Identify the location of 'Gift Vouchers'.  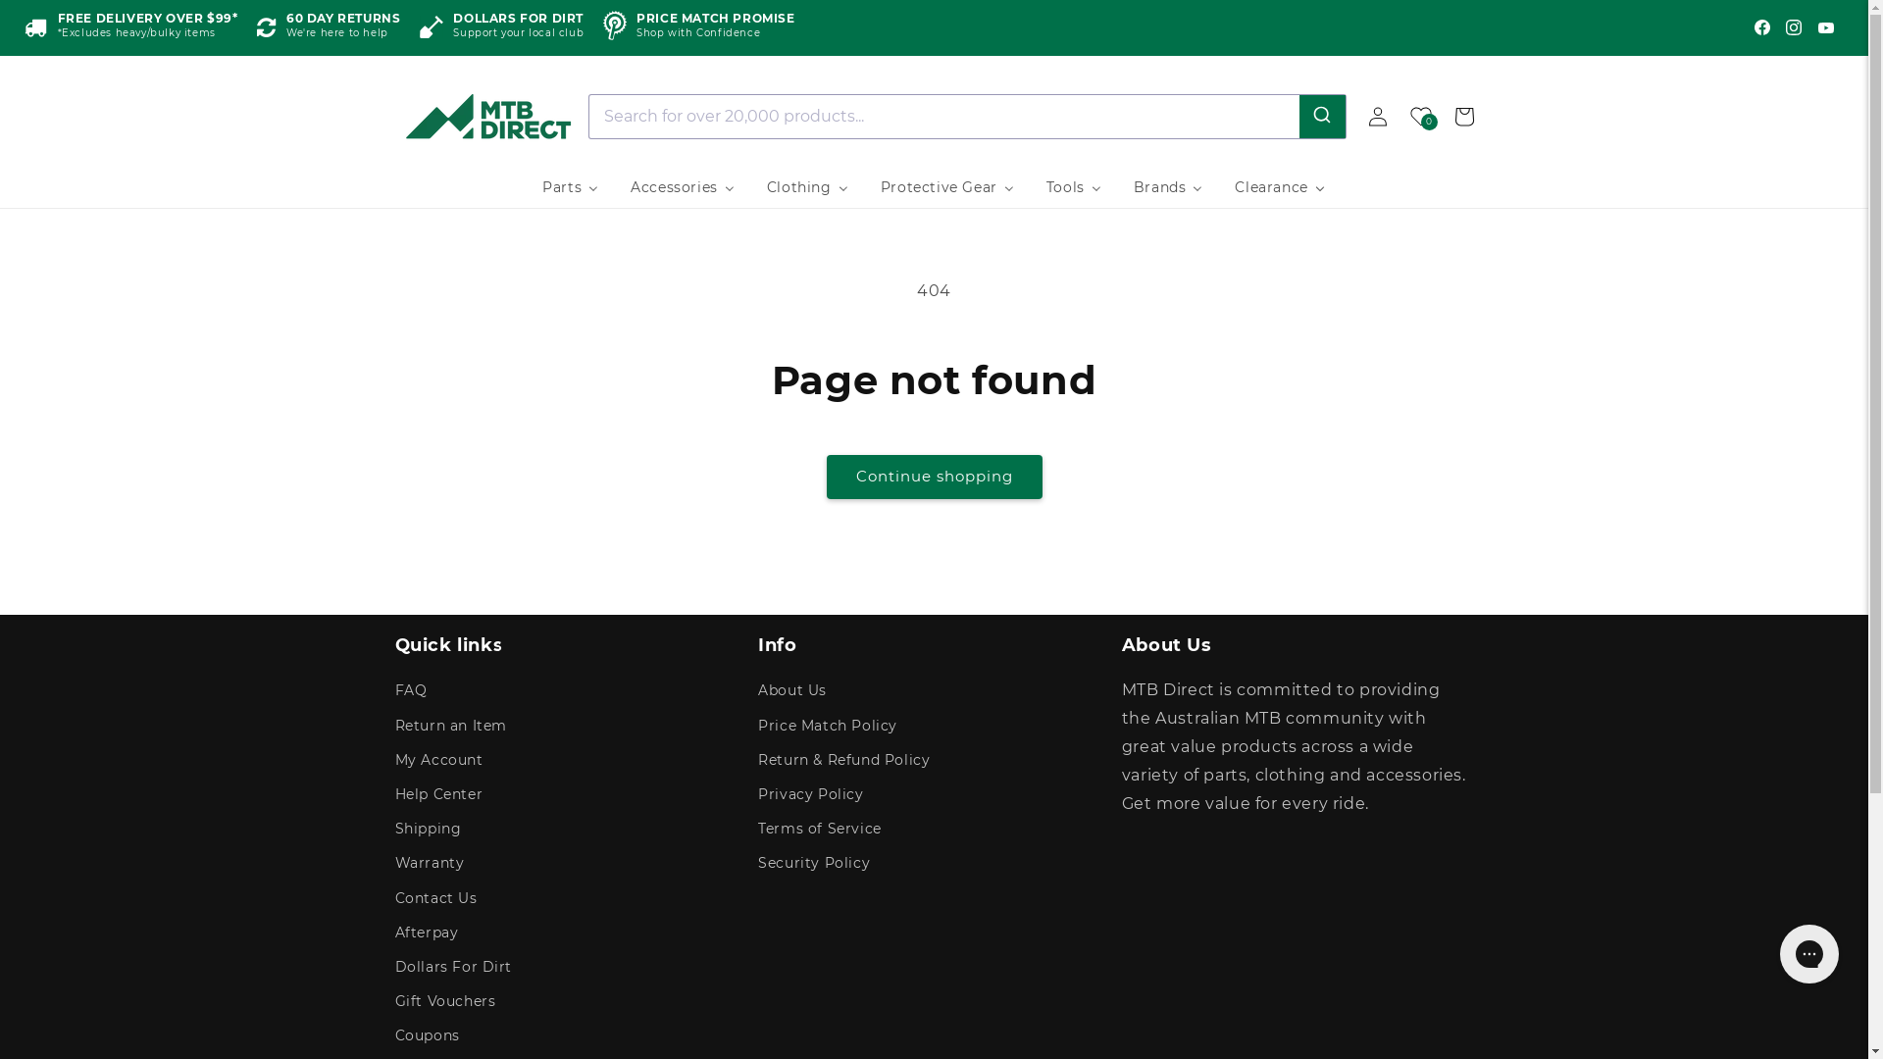
(393, 1001).